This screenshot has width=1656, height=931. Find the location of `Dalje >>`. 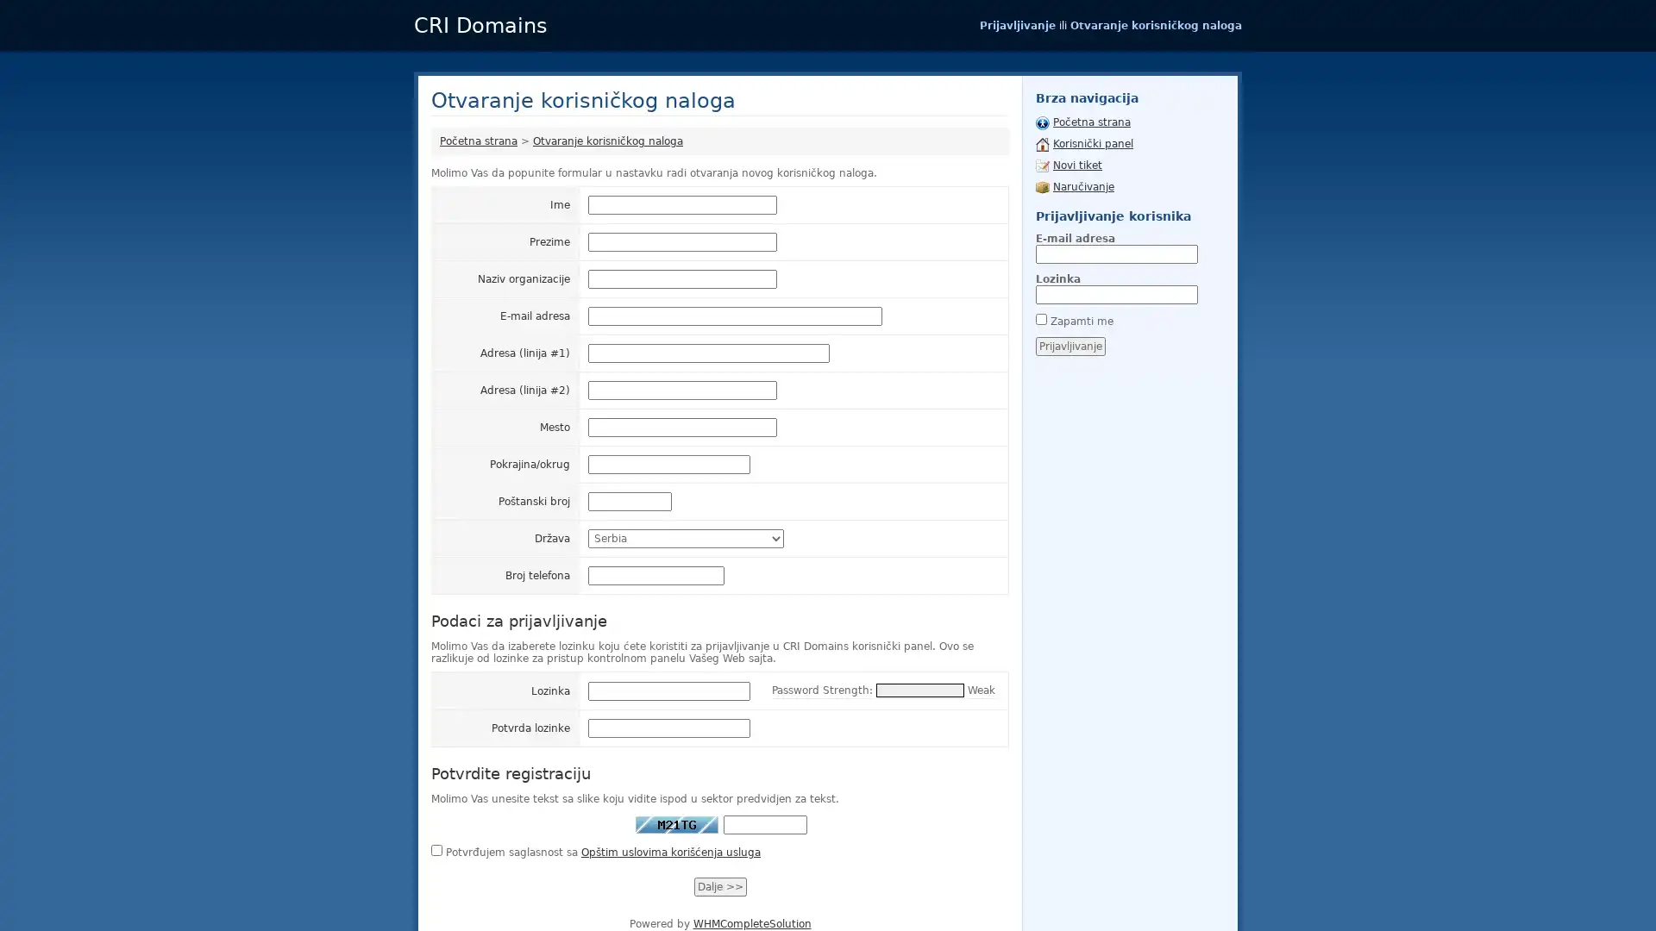

Dalje >> is located at coordinates (719, 887).